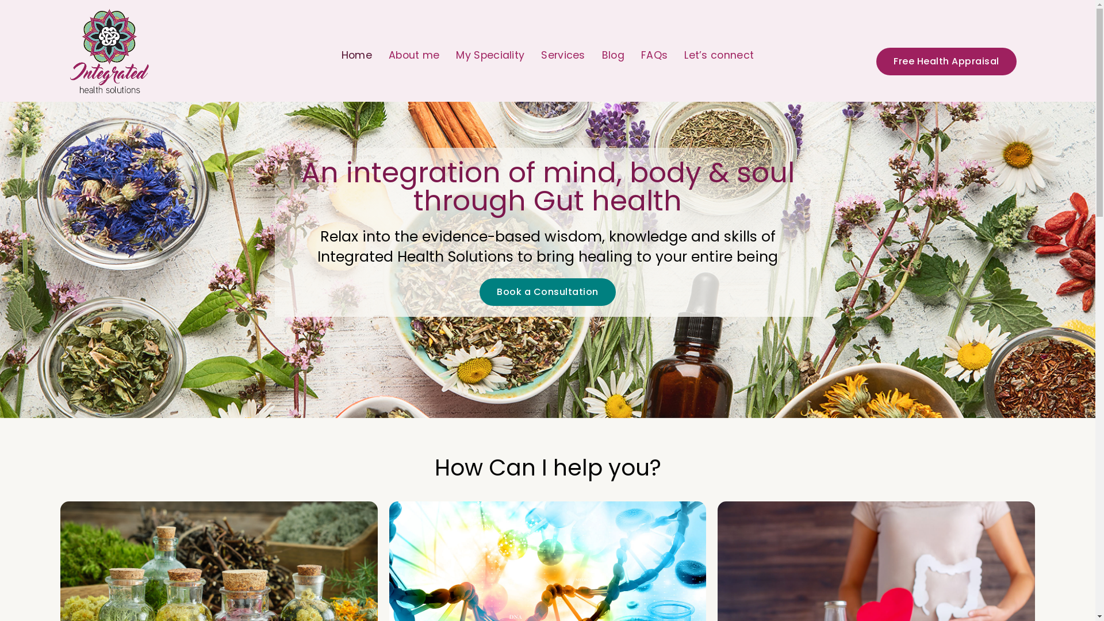 Image resolution: width=1104 pixels, height=621 pixels. Describe the element at coordinates (480, 292) in the screenshot. I see `'Book a Consultation'` at that location.